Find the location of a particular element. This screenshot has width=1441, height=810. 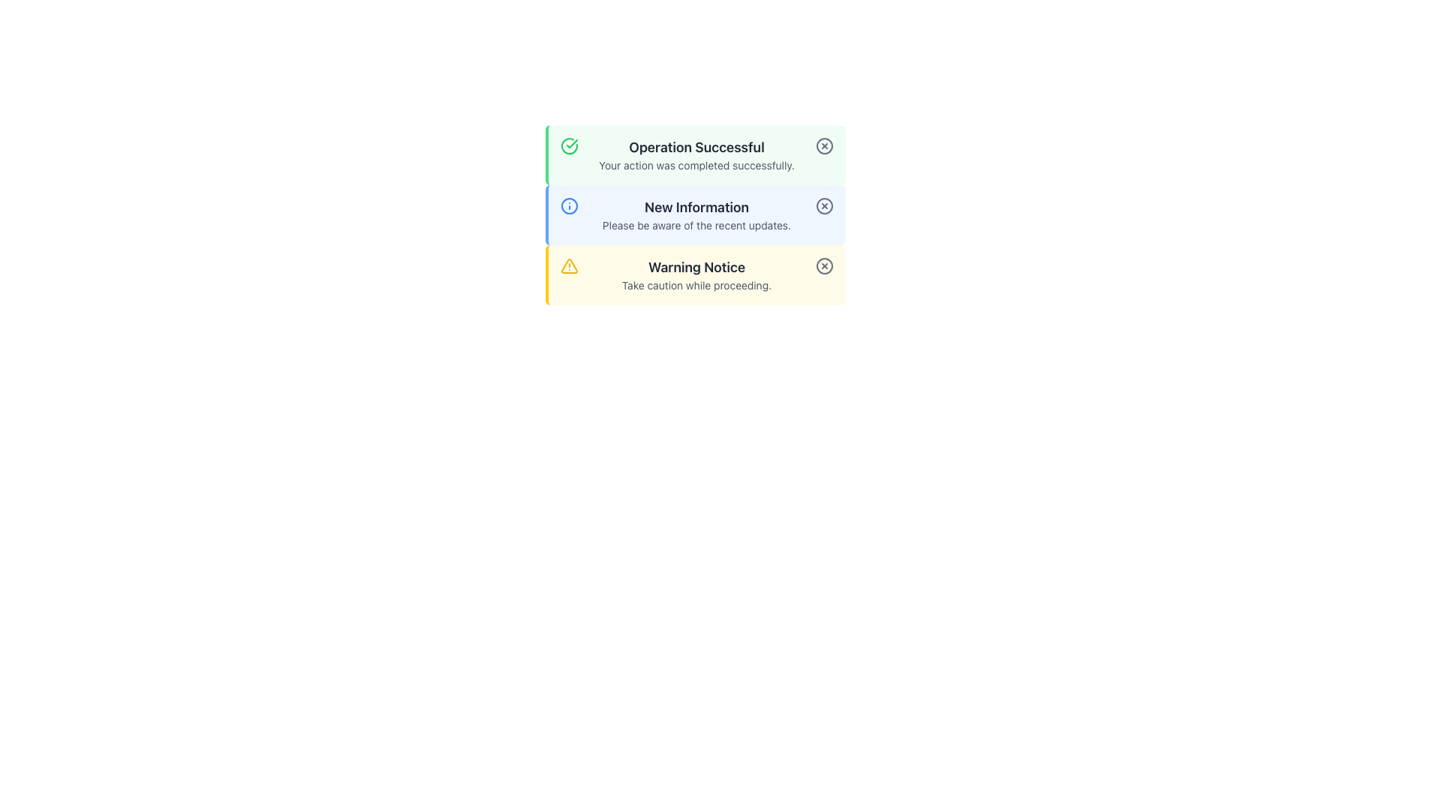

text from the Text block that displays 'Warning Notice' and 'Take caution while proceeding.' located in the third card of the vertical stack is located at coordinates (696, 274).